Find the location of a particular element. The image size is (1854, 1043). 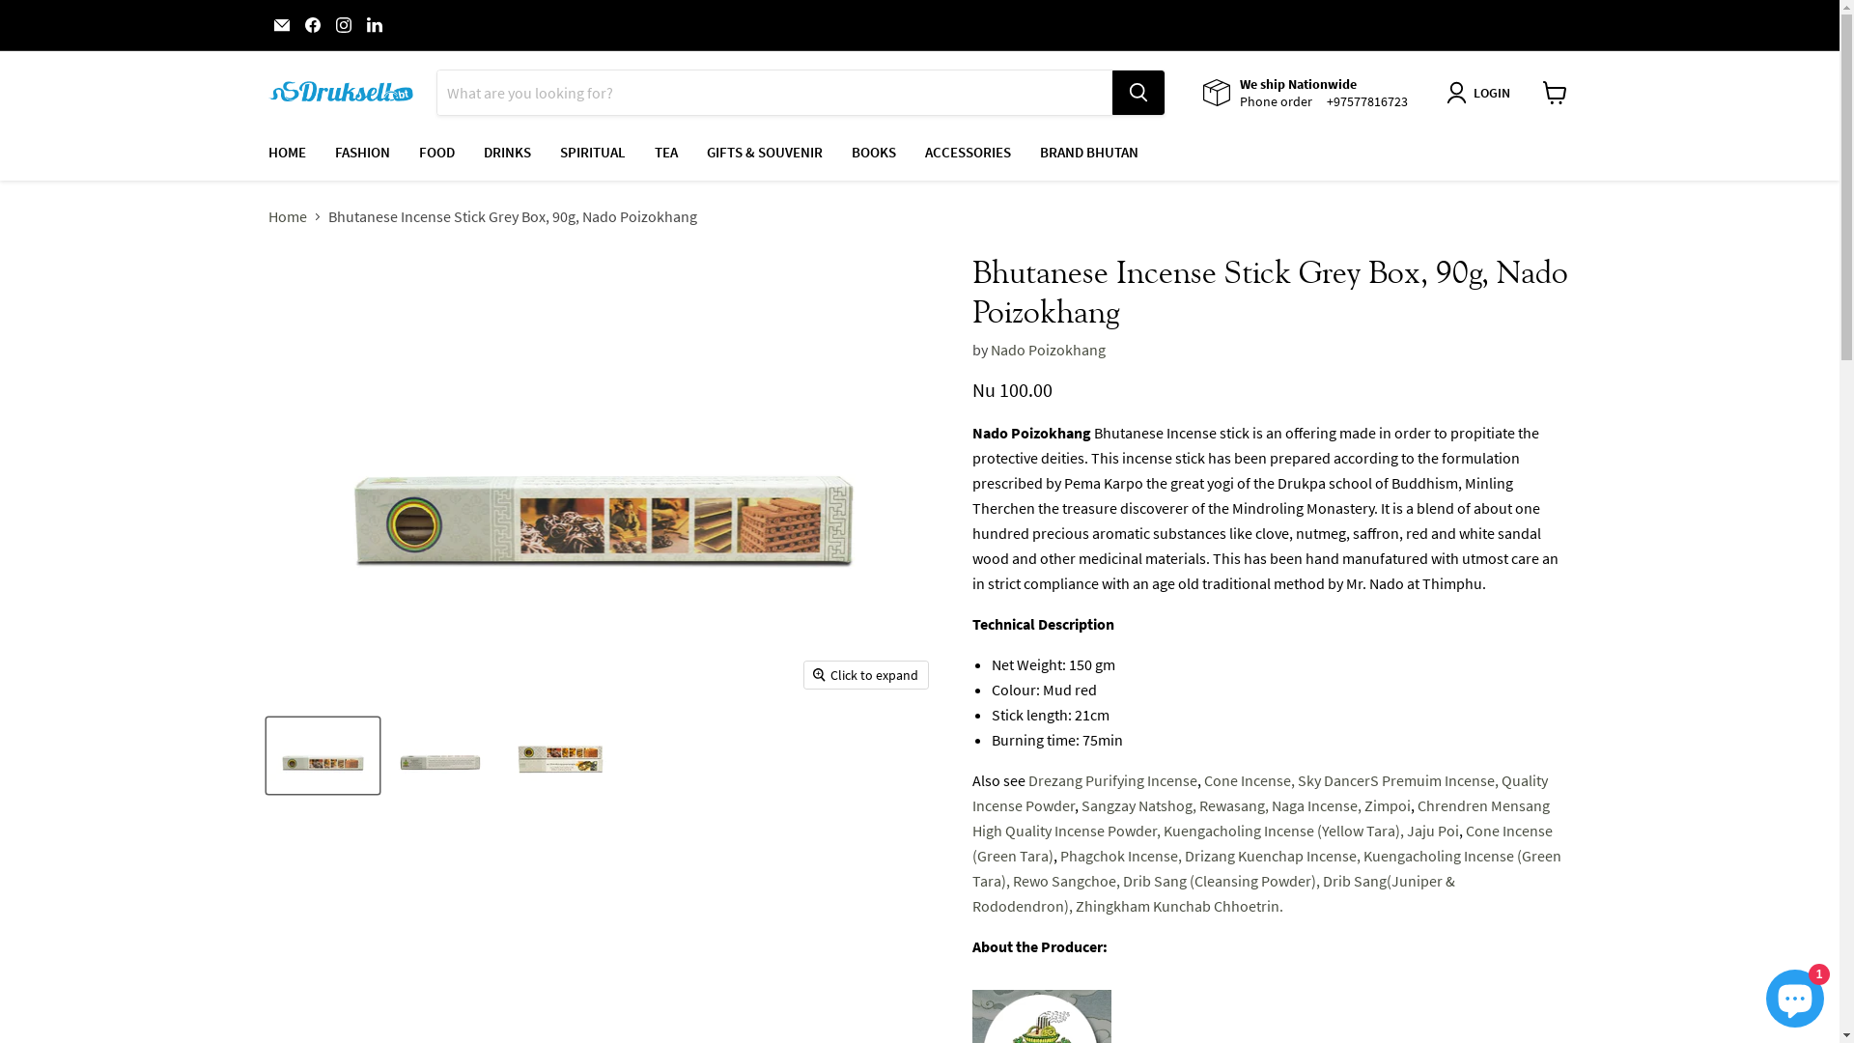

'Drezang Purifying Incense' is located at coordinates (1111, 778).